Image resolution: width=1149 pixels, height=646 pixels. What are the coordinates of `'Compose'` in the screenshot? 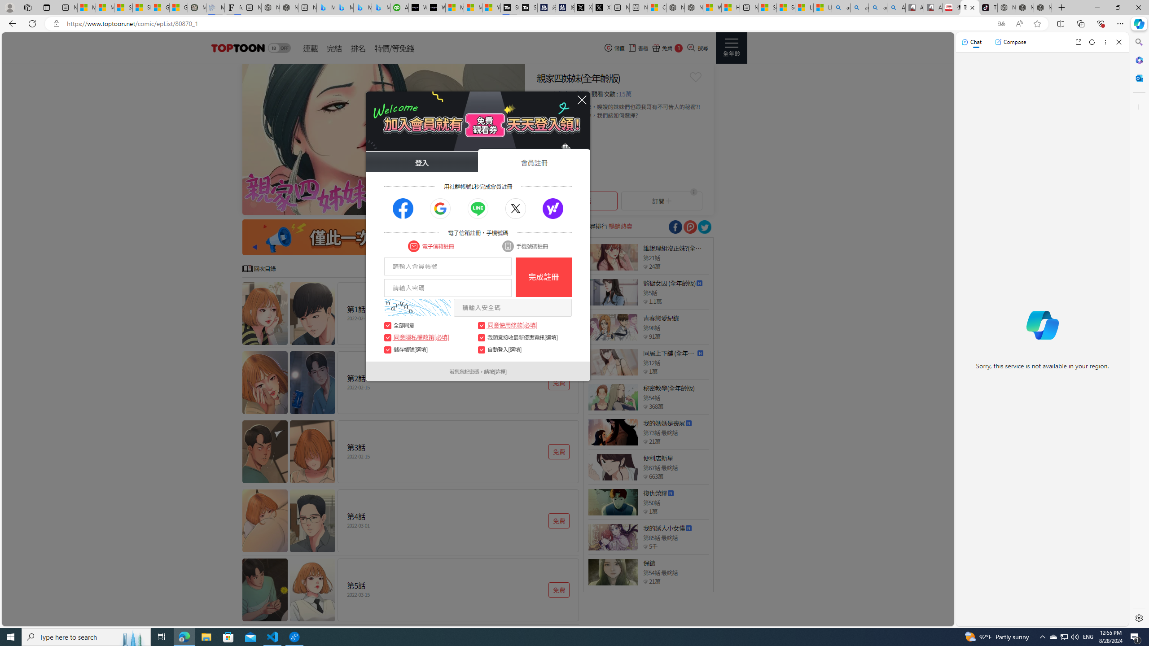 It's located at (1010, 41).